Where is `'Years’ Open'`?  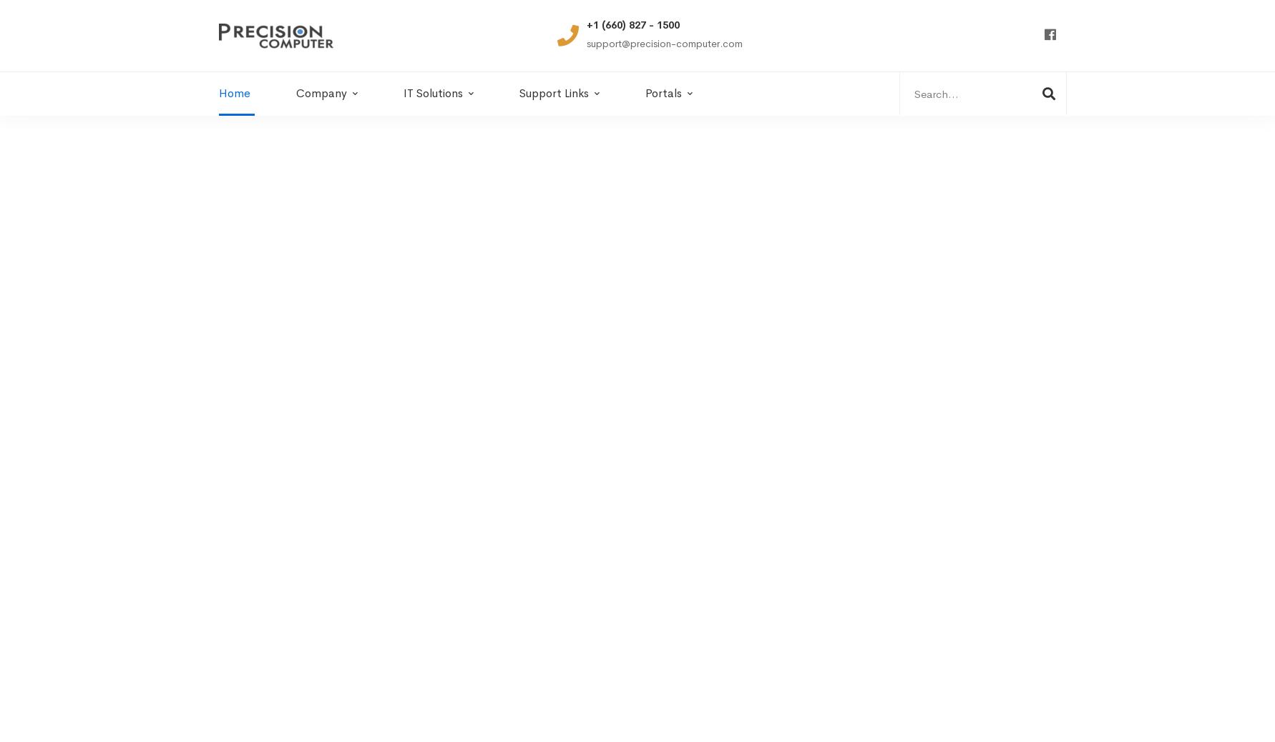
'Years’ Open' is located at coordinates (453, 710).